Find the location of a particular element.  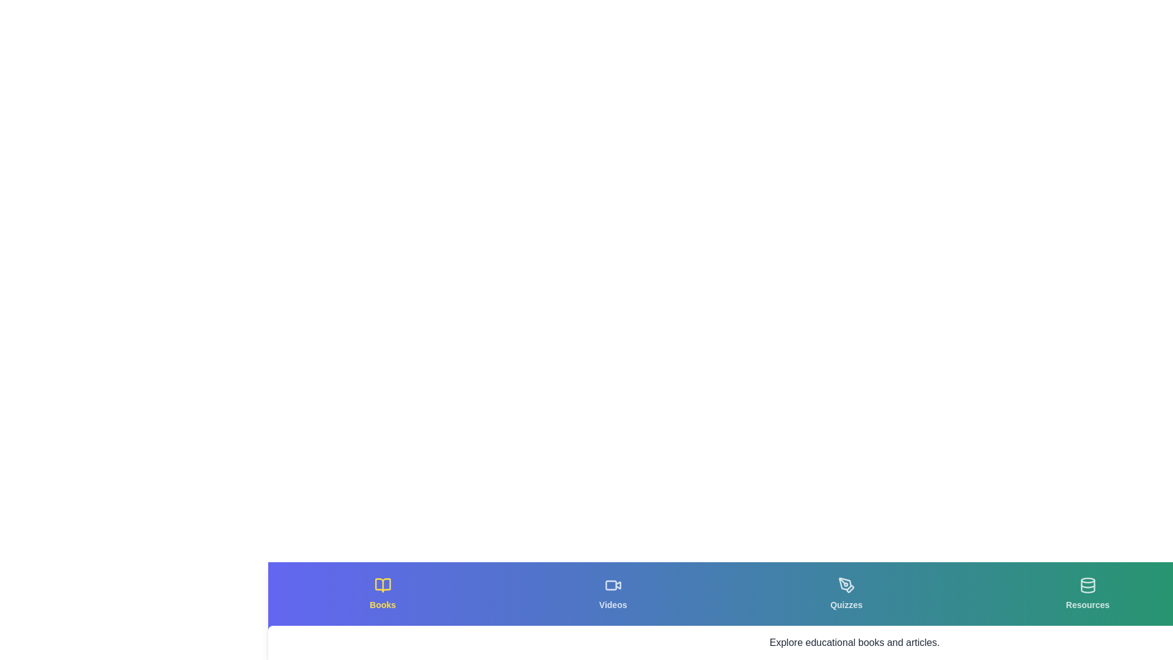

the tab icon labeled Videos to observe its visual feedback is located at coordinates (613, 593).